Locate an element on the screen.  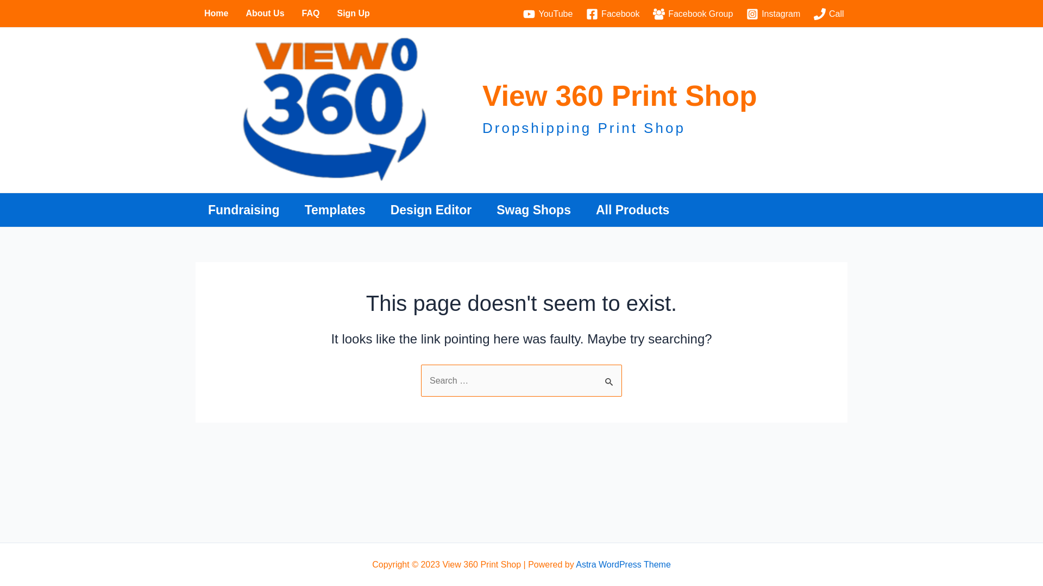
'Home' is located at coordinates (216, 13).